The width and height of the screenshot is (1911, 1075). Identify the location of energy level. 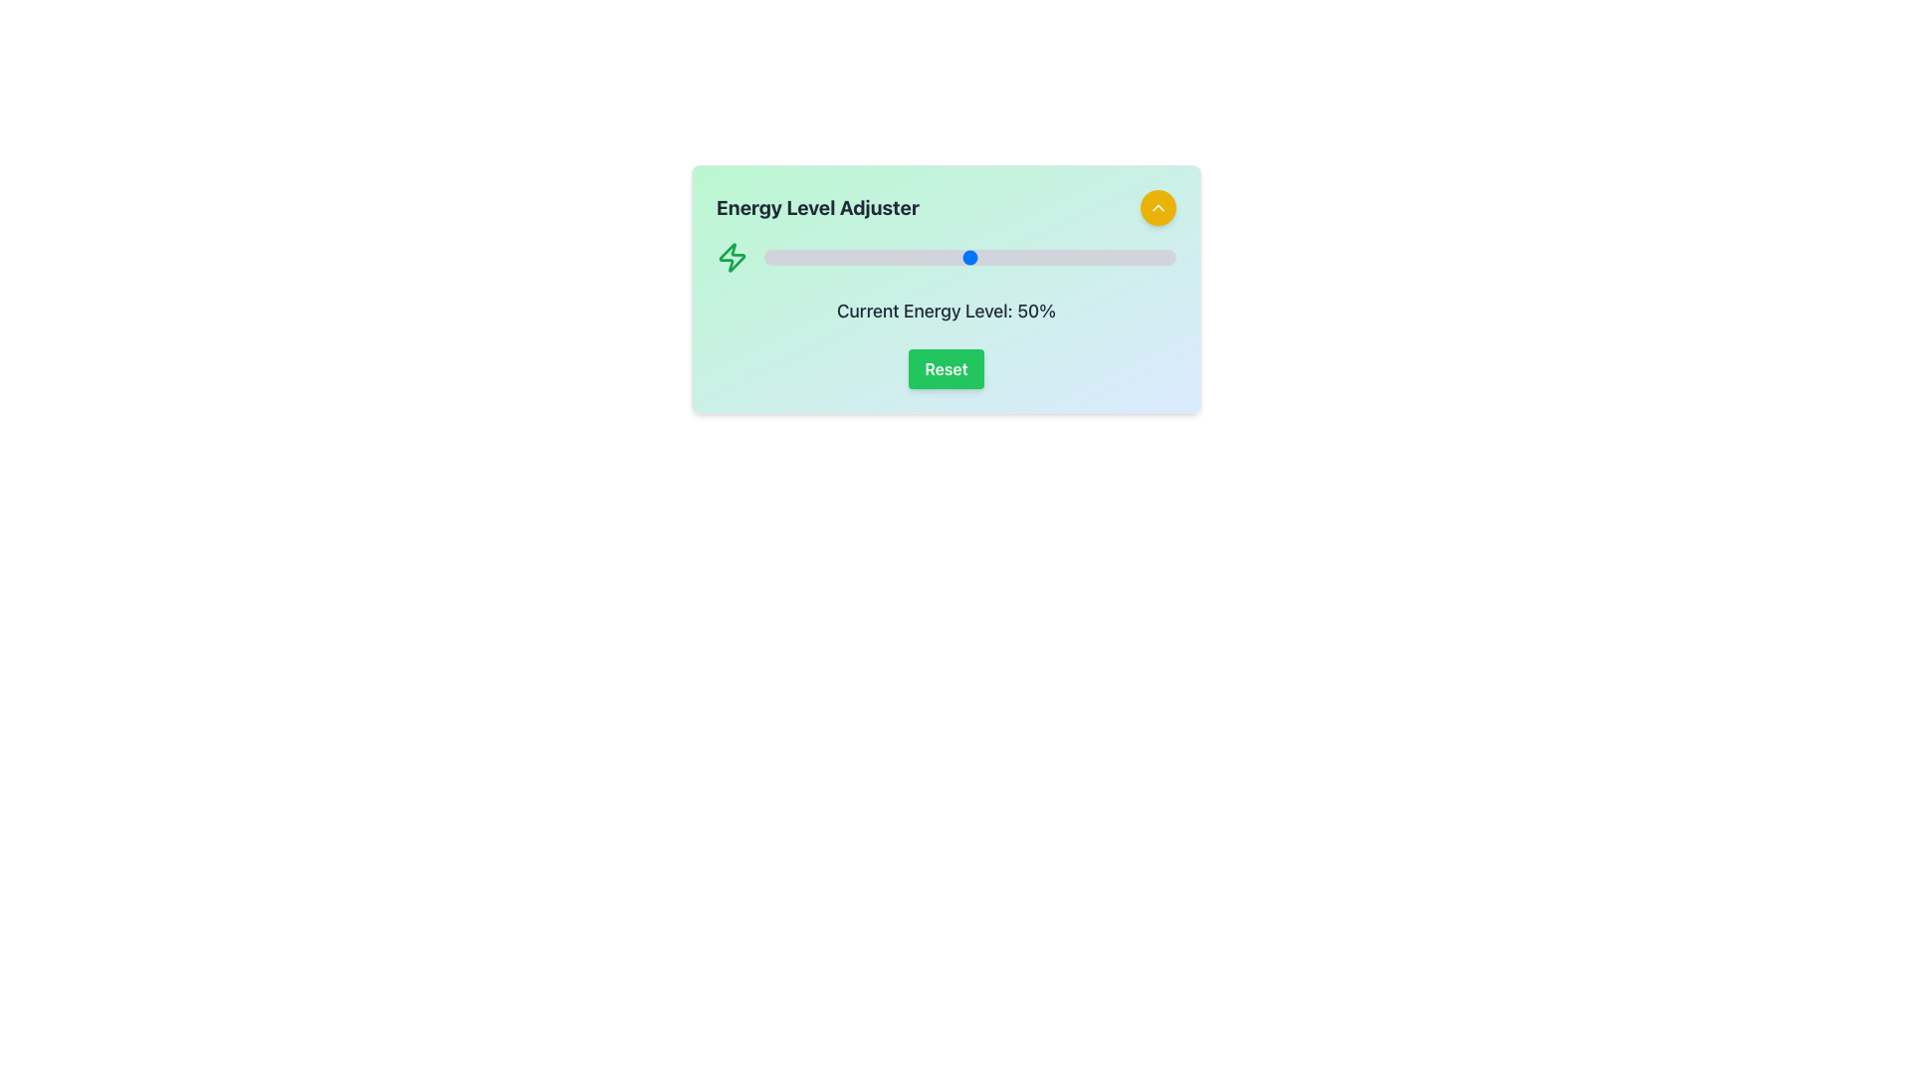
(936, 256).